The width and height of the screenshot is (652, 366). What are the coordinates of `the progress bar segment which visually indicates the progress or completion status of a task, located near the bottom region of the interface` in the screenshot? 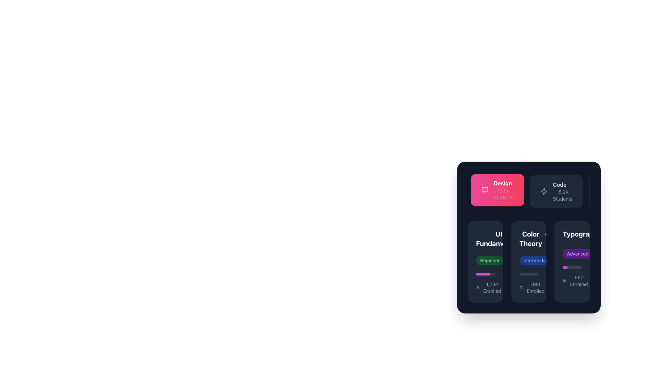 It's located at (483, 274).